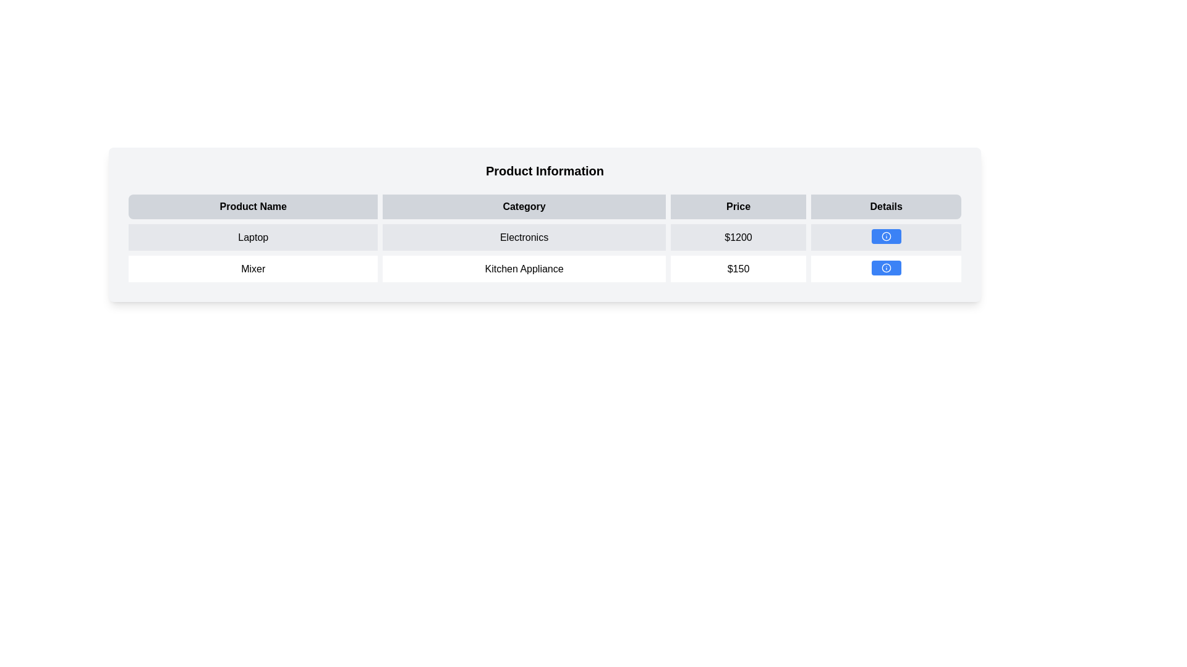  What do you see at coordinates (252, 206) in the screenshot?
I see `the Table Header Cell that serves as the header for the first column containing product names, located at the top-left corner of the table layout` at bounding box center [252, 206].